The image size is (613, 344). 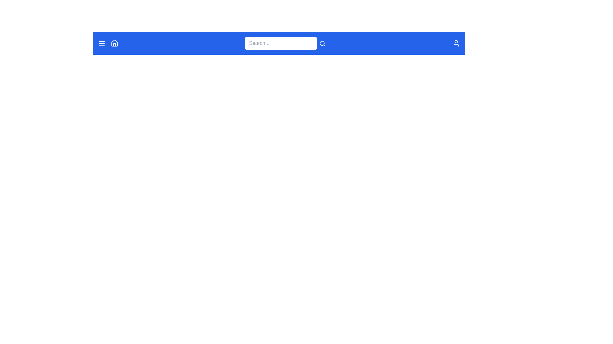 I want to click on the menu icon in the navigation group, which is represented by a stack of three horizontal lines, so click(x=108, y=43).